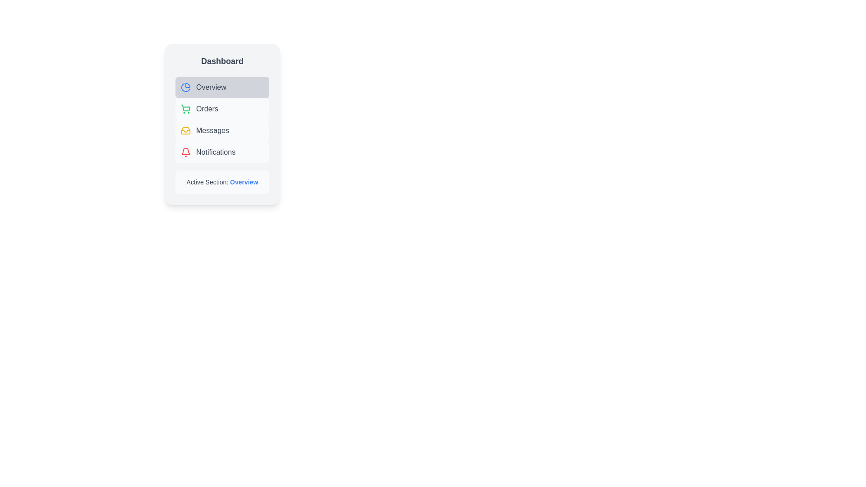 Image resolution: width=866 pixels, height=487 pixels. I want to click on the menu item labeled Messages, so click(222, 130).